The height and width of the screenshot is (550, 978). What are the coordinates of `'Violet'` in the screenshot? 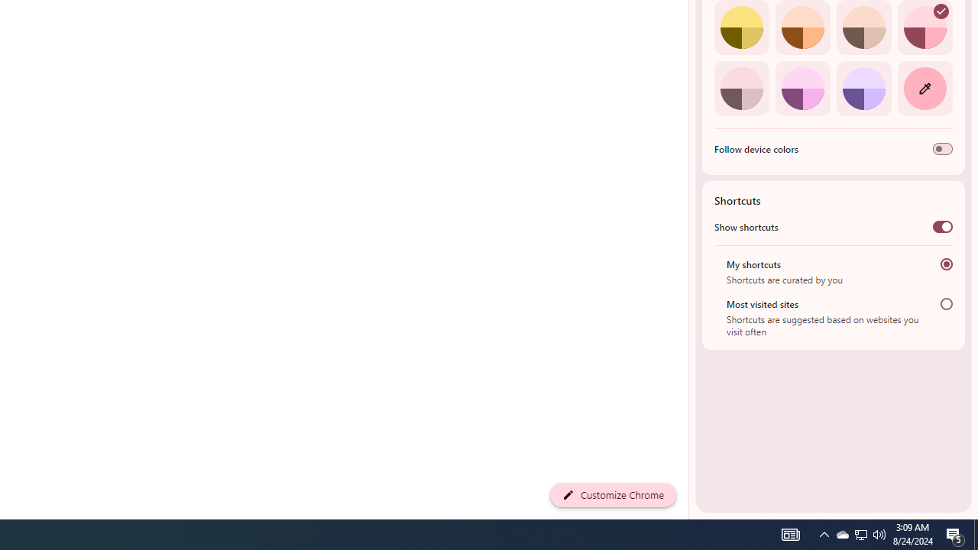 It's located at (863, 88).